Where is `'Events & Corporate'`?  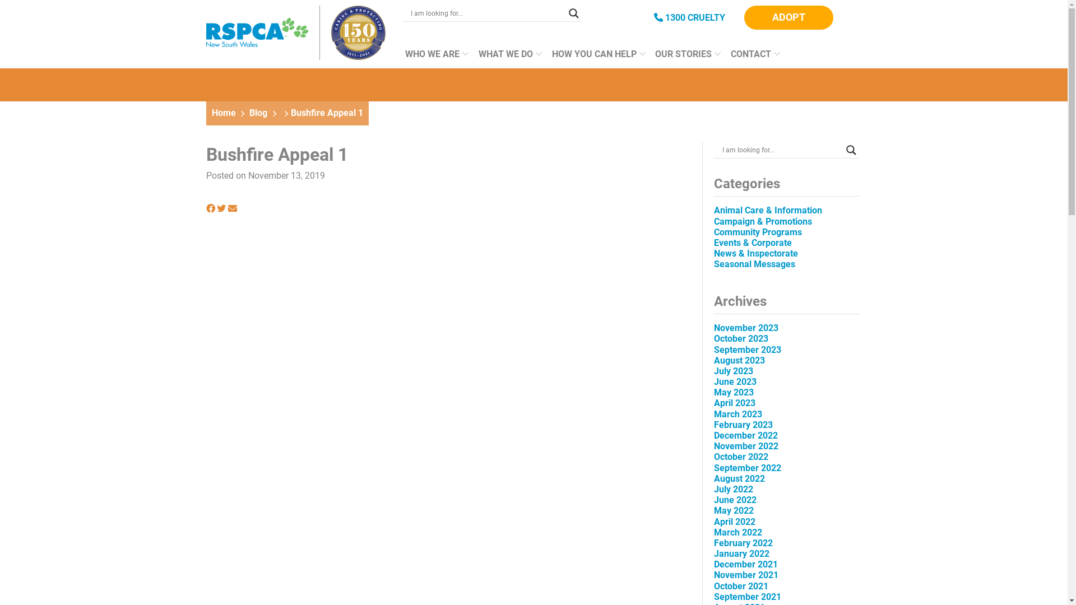 'Events & Corporate' is located at coordinates (753, 242).